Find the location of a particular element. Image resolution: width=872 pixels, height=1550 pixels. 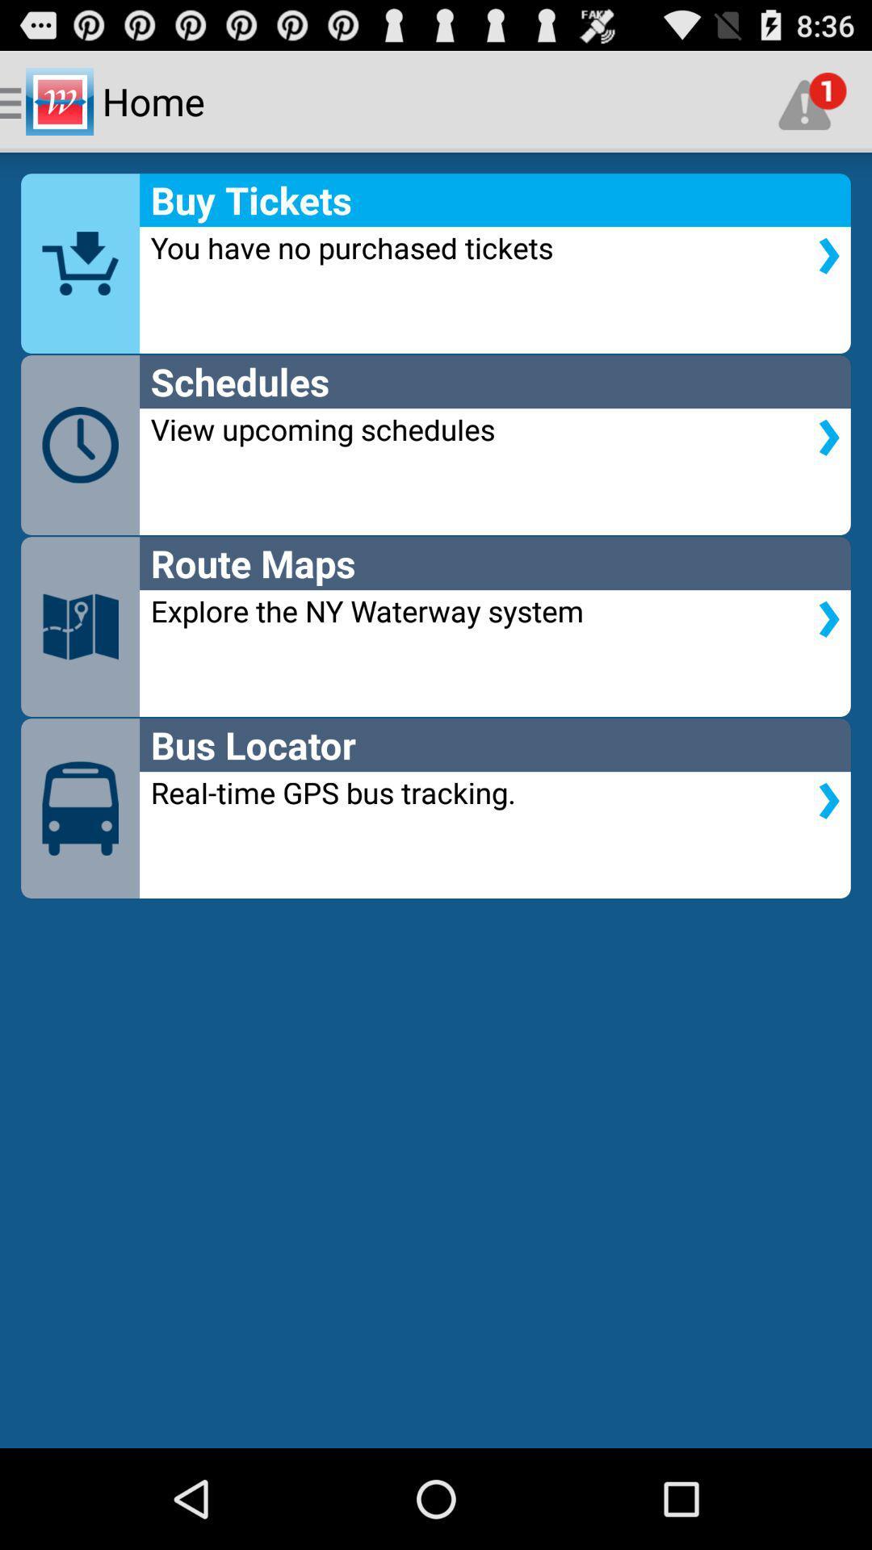

app to the right of home item is located at coordinates (812, 100).